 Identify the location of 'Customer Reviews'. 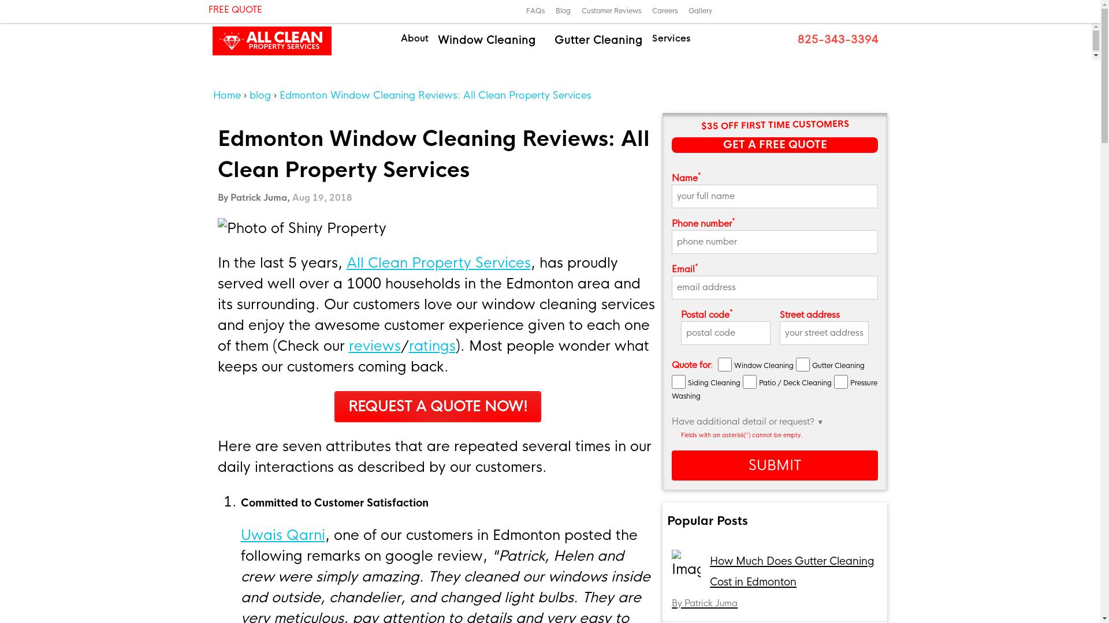
(611, 11).